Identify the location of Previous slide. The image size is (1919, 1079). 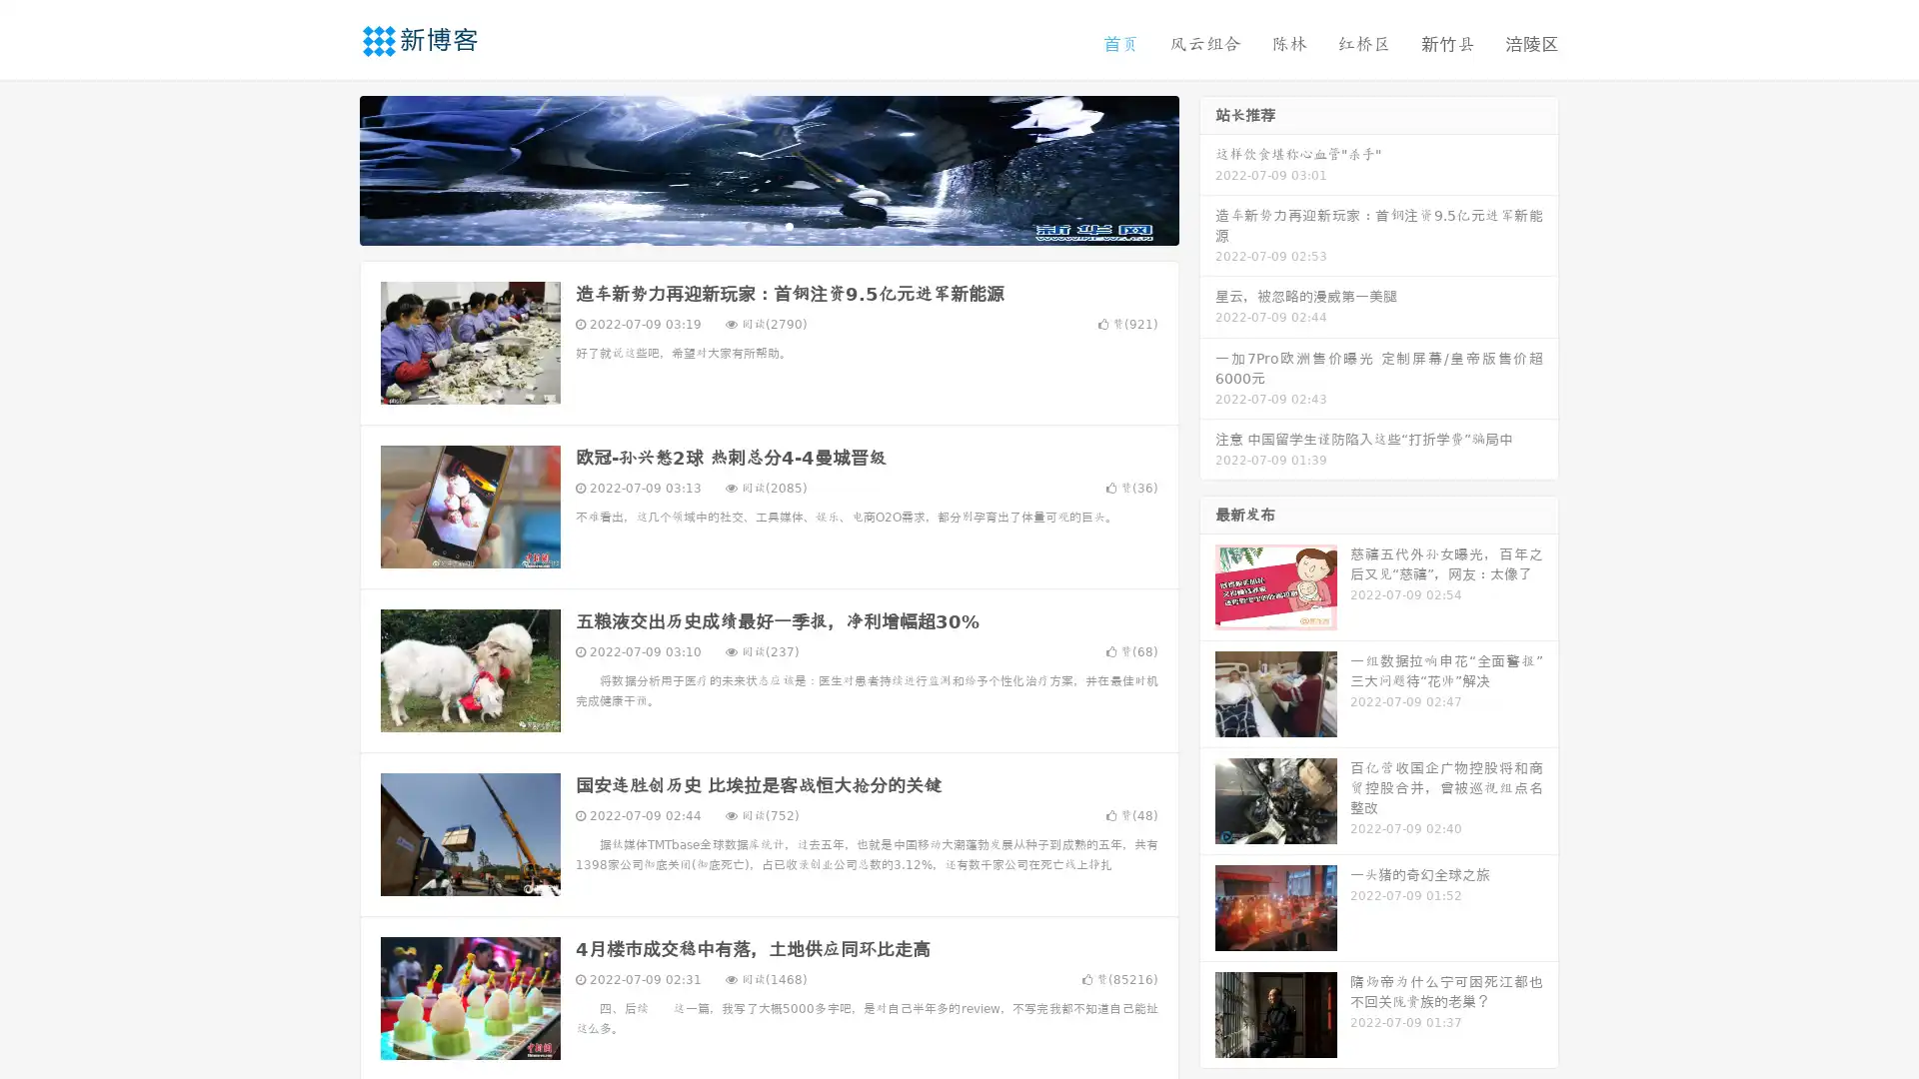
(330, 168).